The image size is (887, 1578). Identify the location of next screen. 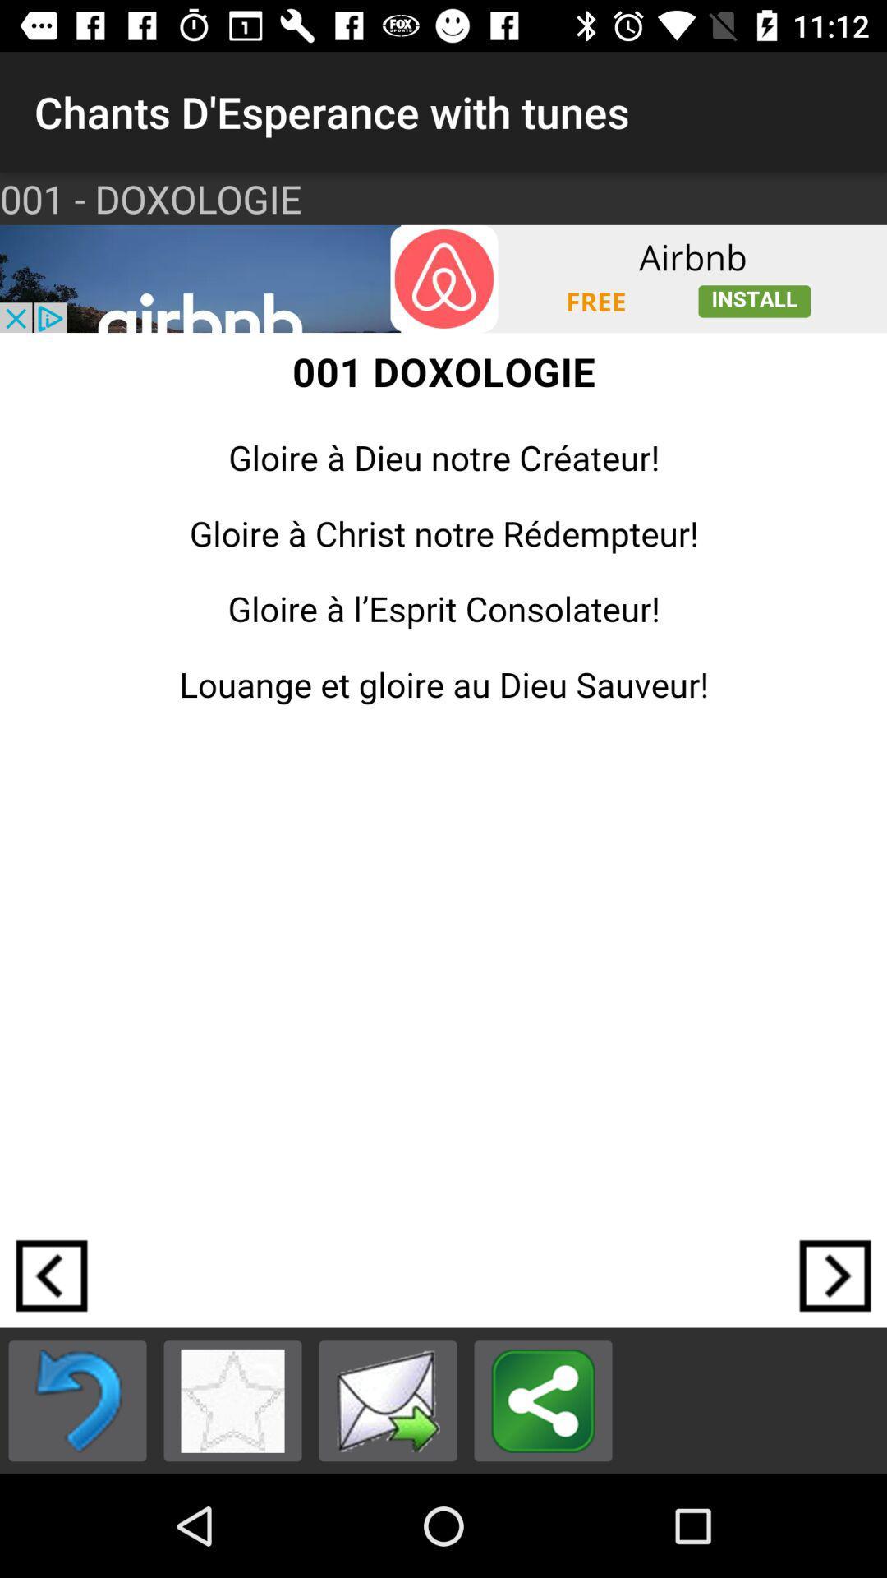
(835, 1275).